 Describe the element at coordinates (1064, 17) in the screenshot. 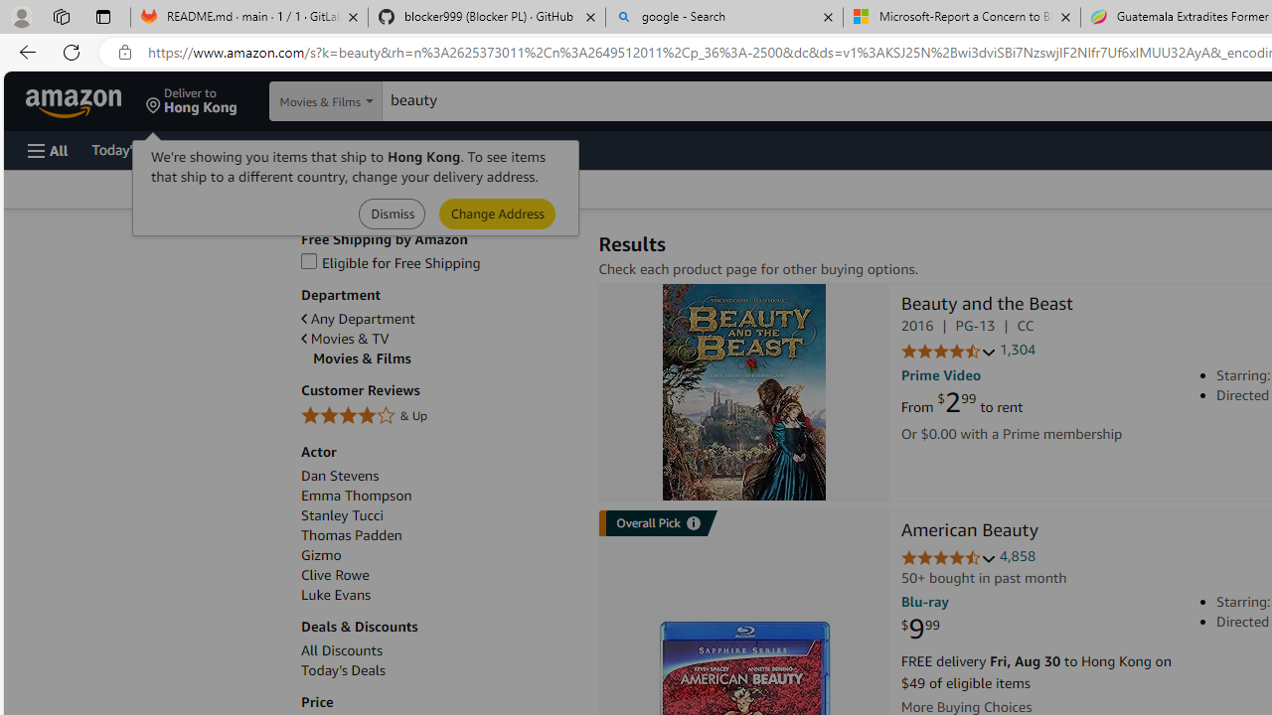

I see `'Close tab'` at that location.